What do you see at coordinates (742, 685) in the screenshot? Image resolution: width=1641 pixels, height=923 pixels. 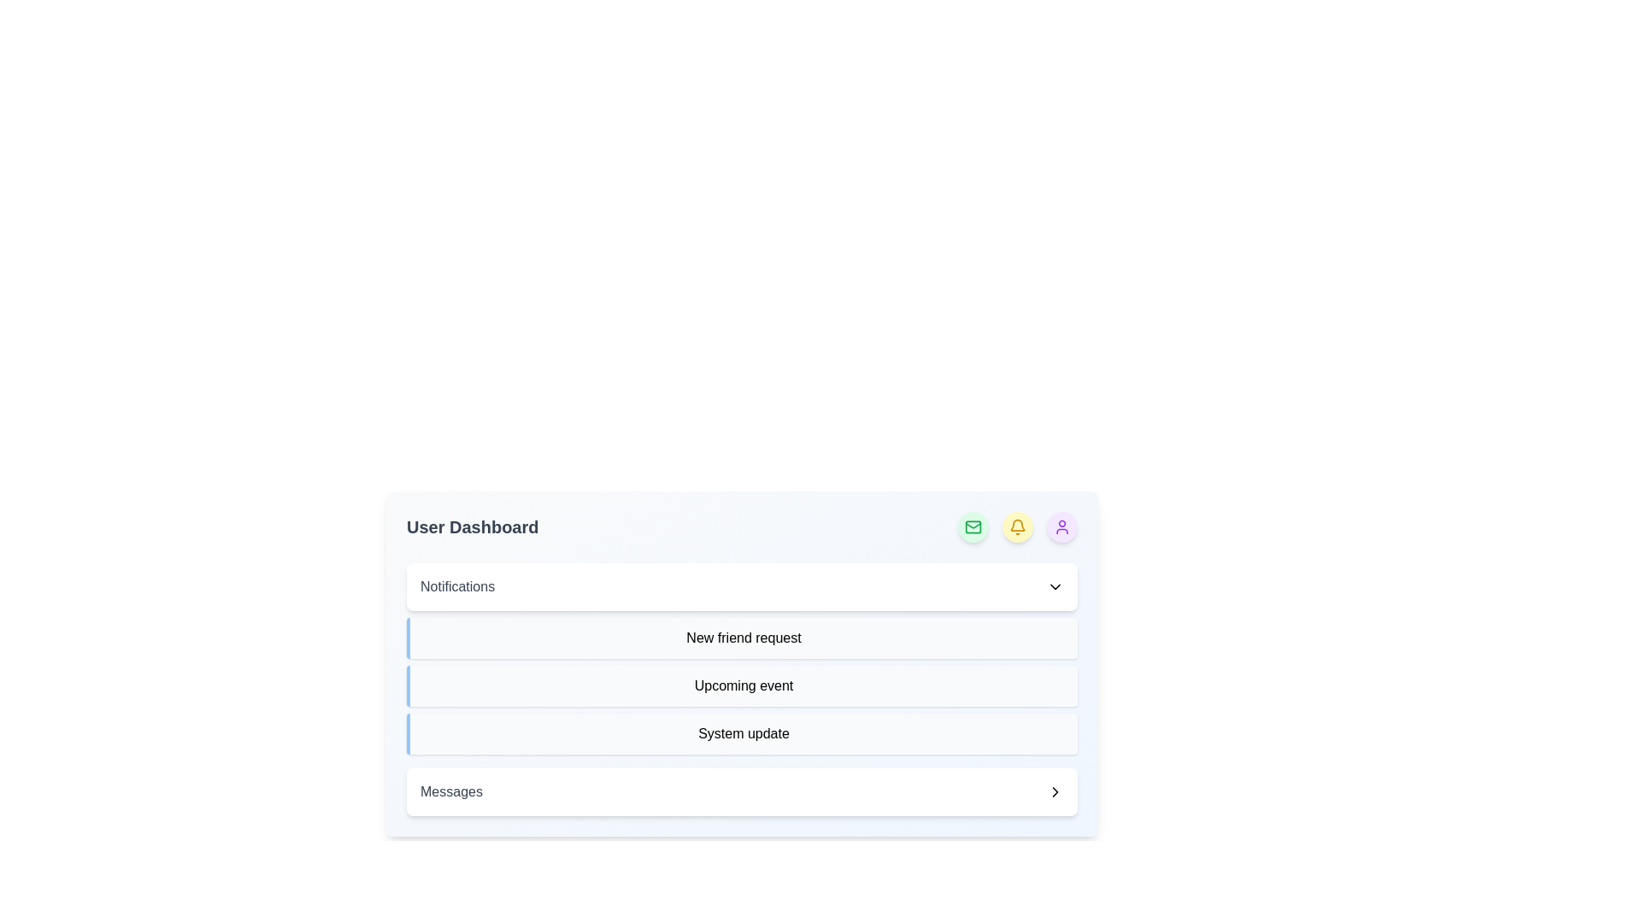 I see `the second notification text label in the 'Notifications' section that informs the user about an upcoming event` at bounding box center [742, 685].